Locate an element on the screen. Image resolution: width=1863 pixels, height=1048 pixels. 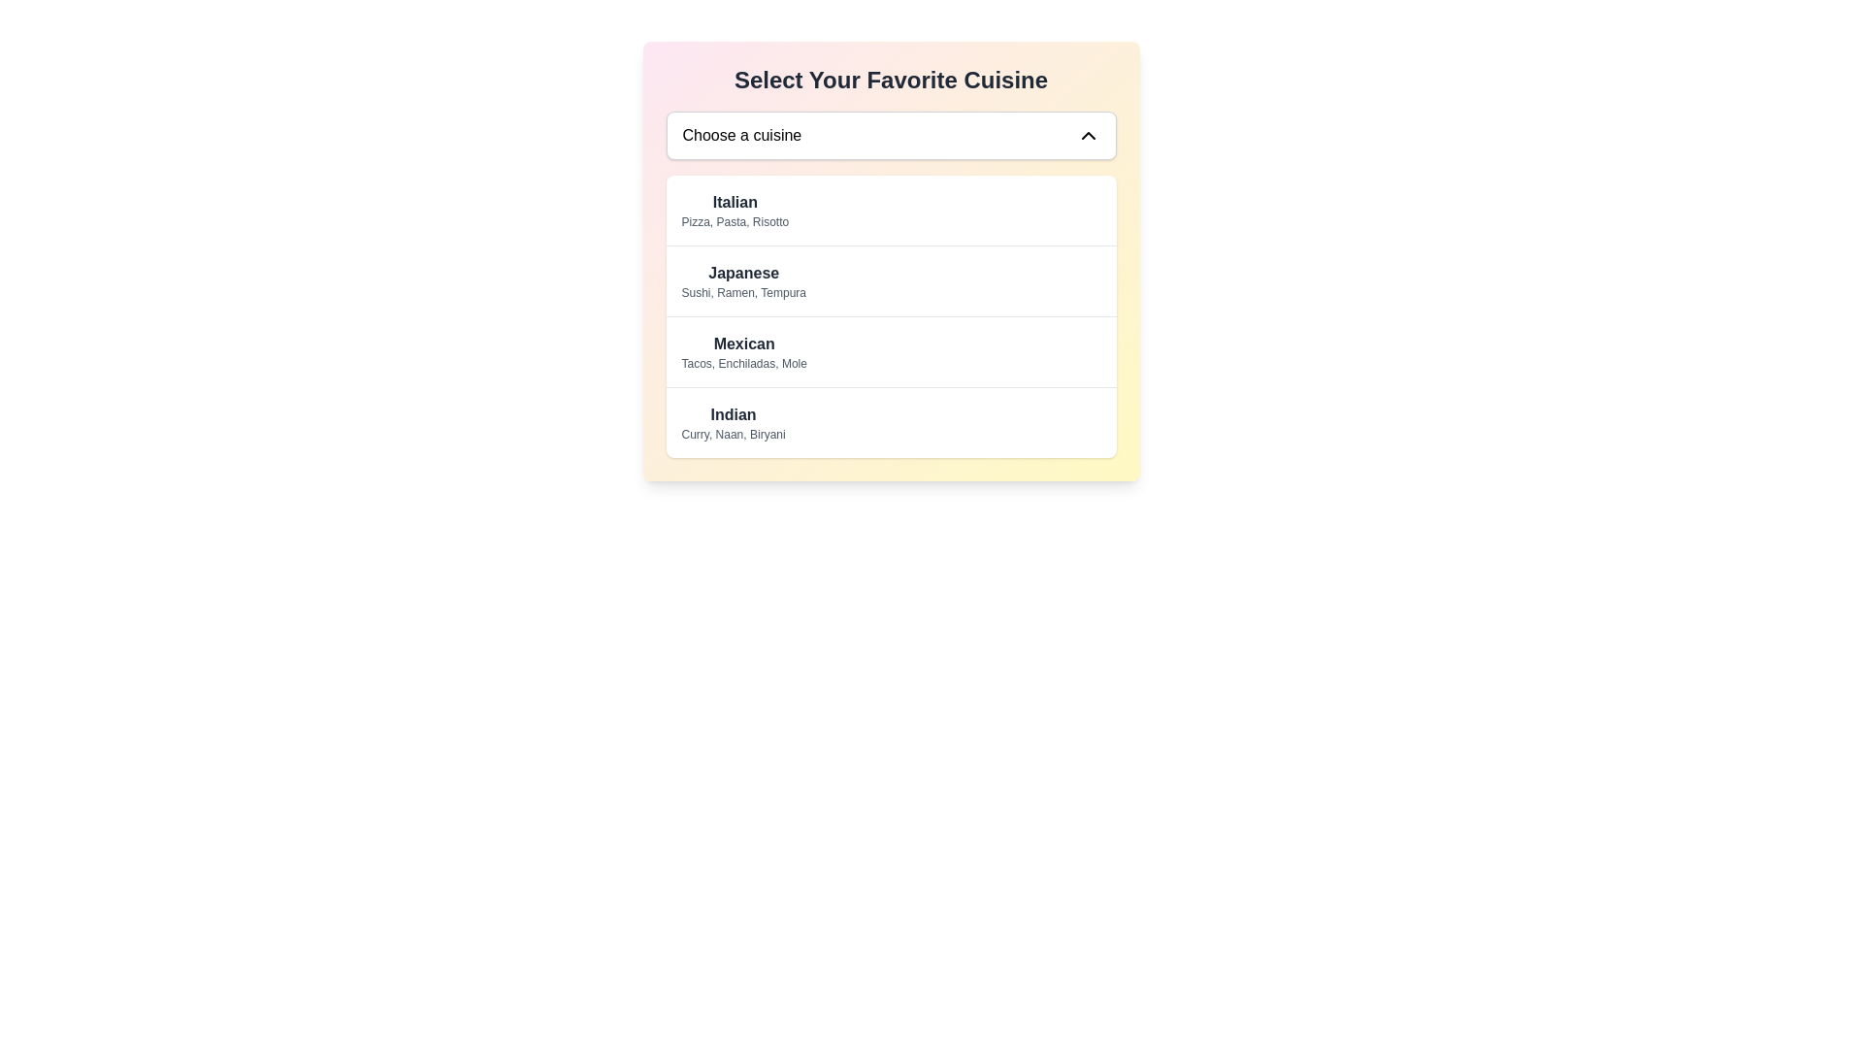
around the 'Indian' cuisine label is located at coordinates (732, 414).